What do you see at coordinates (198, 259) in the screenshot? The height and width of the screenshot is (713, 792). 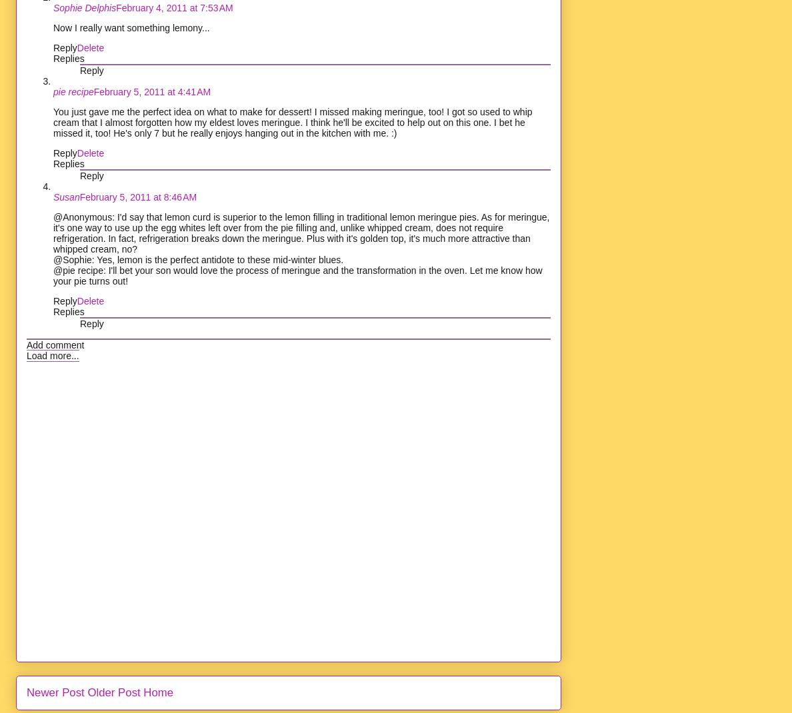 I see `'@Sophie: Yes, lemon is the perfect antidote to these mid-winter blues.'` at bounding box center [198, 259].